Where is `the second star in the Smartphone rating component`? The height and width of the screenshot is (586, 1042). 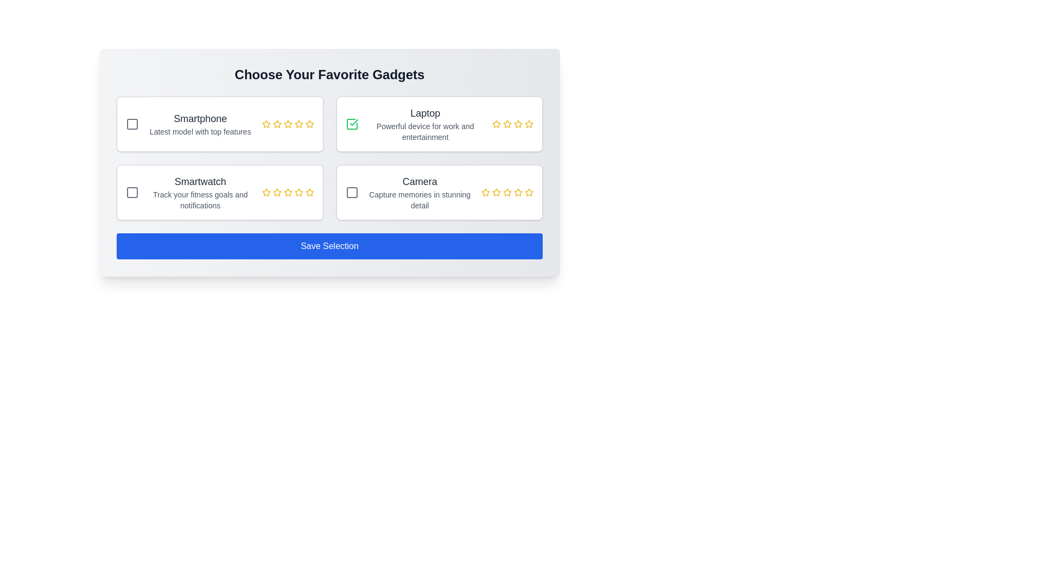 the second star in the Smartphone rating component is located at coordinates (309, 123).